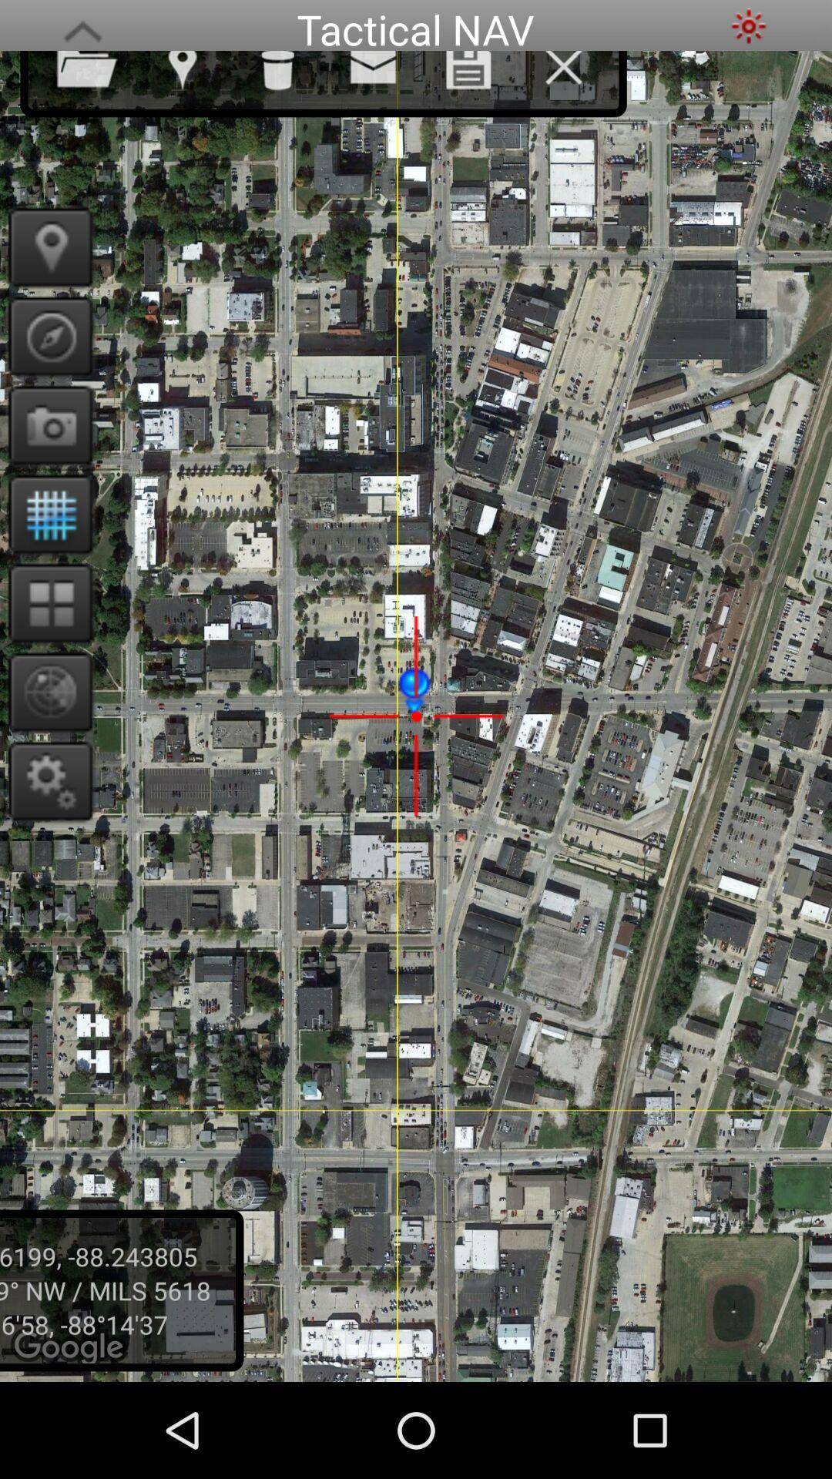  I want to click on the icon next to tactical nav app, so click(82, 25).